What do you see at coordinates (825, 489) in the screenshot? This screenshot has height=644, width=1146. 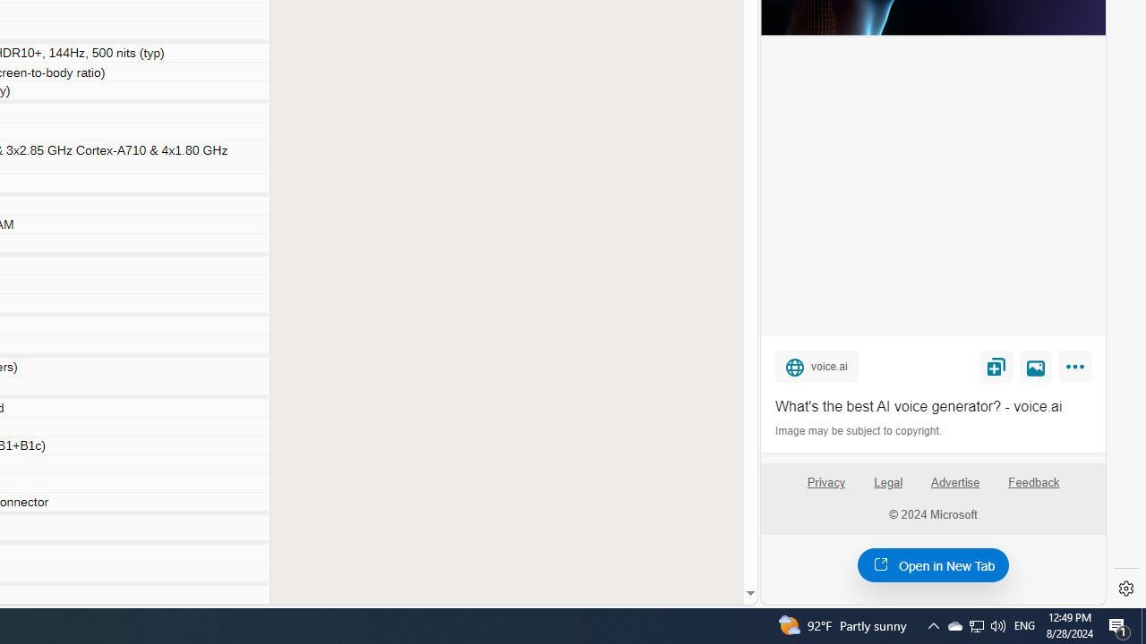 I see `'Privacy'` at bounding box center [825, 489].